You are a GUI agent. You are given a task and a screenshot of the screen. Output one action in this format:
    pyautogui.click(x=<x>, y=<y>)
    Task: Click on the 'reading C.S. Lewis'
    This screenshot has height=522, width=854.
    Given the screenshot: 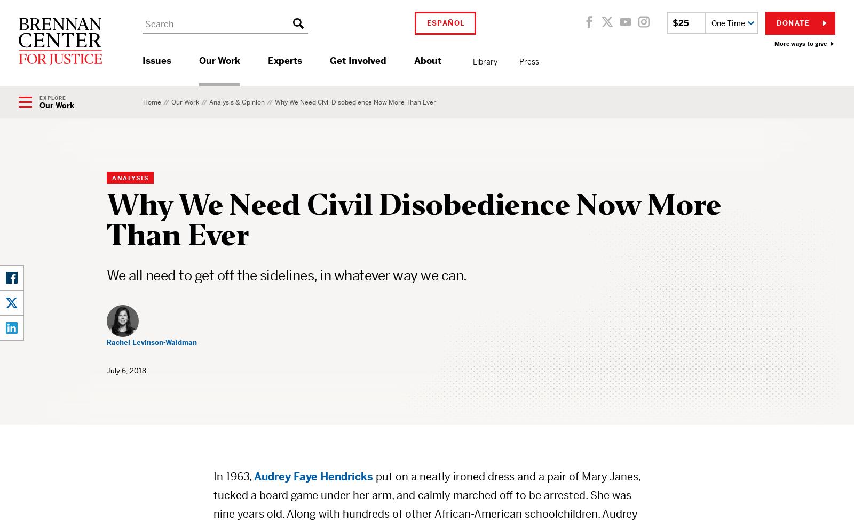 What is the action you would take?
    pyautogui.click(x=421, y=87)
    